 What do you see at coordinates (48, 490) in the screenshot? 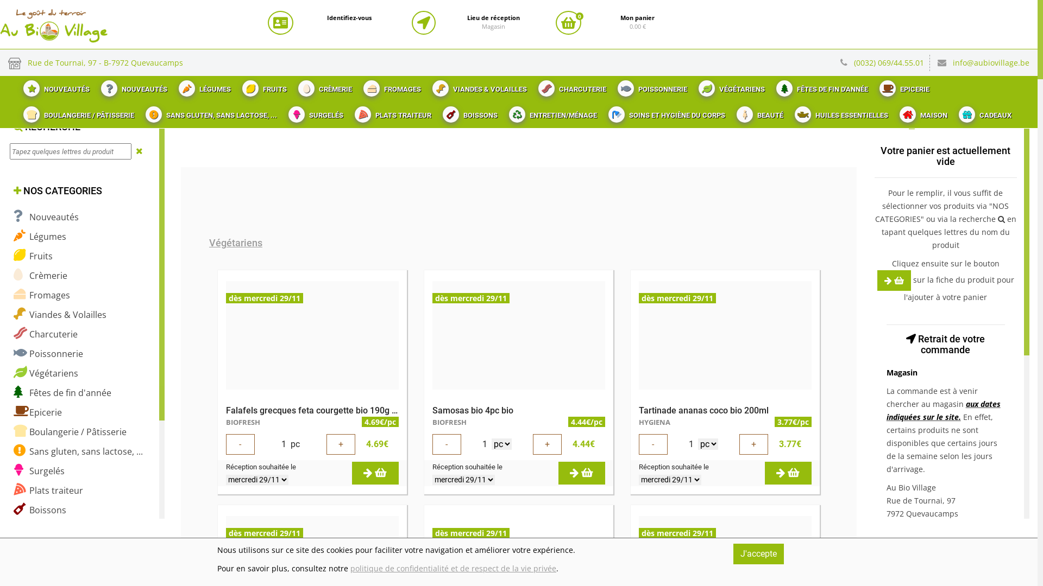
I see `'Plats traiteur'` at bounding box center [48, 490].